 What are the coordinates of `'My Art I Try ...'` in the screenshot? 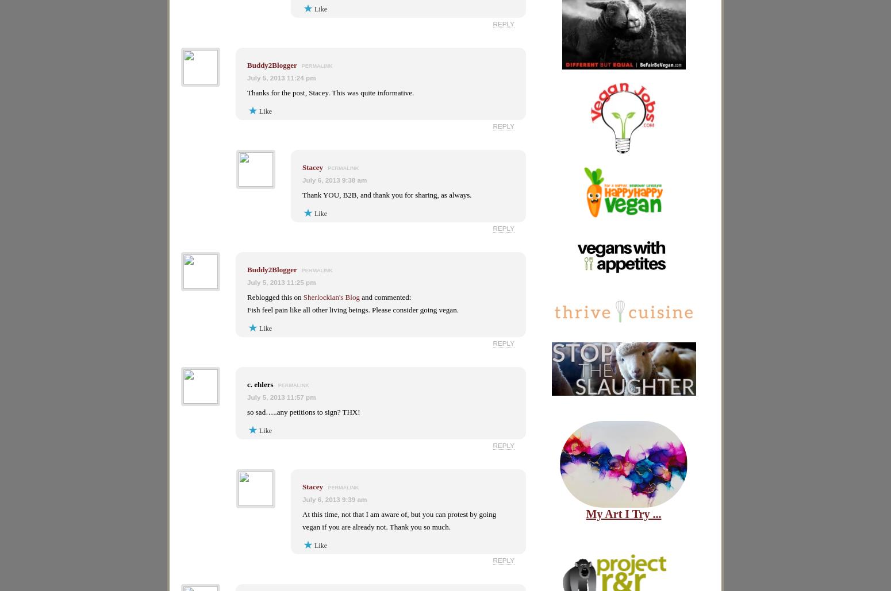 It's located at (623, 513).